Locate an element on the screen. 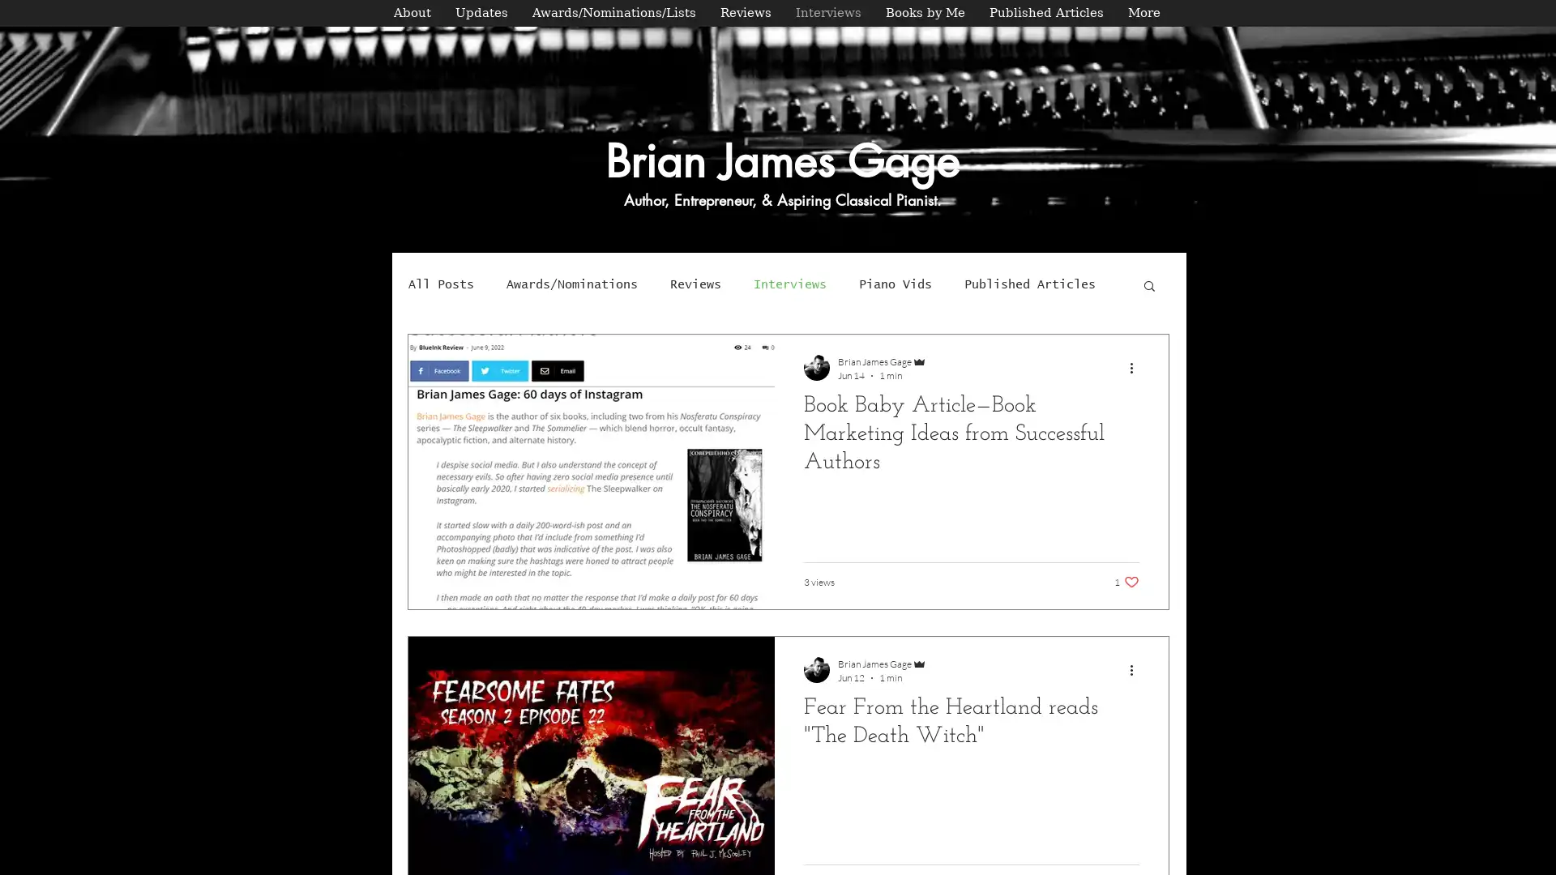 This screenshot has width=1556, height=875. Awards/Nominations is located at coordinates (571, 284).